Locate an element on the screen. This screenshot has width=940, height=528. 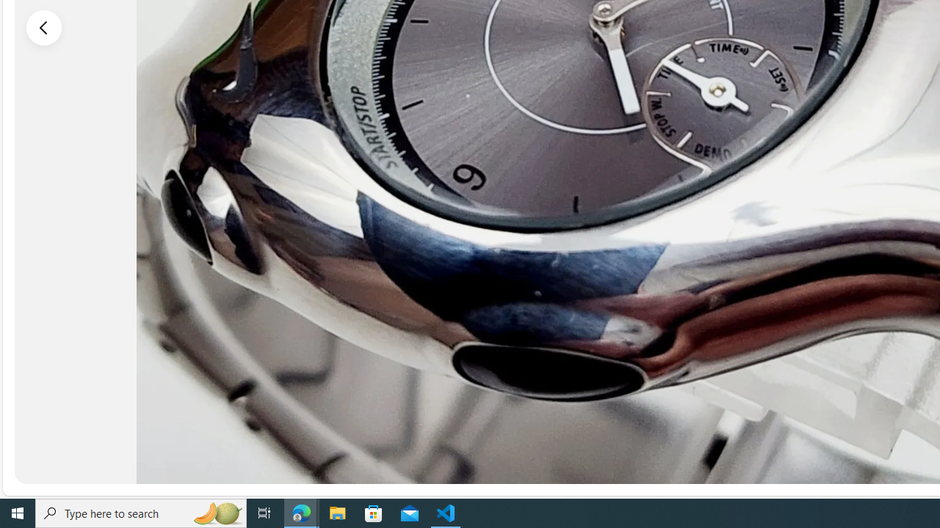
'Previous image - Item images thumbnails' is located at coordinates (44, 27).